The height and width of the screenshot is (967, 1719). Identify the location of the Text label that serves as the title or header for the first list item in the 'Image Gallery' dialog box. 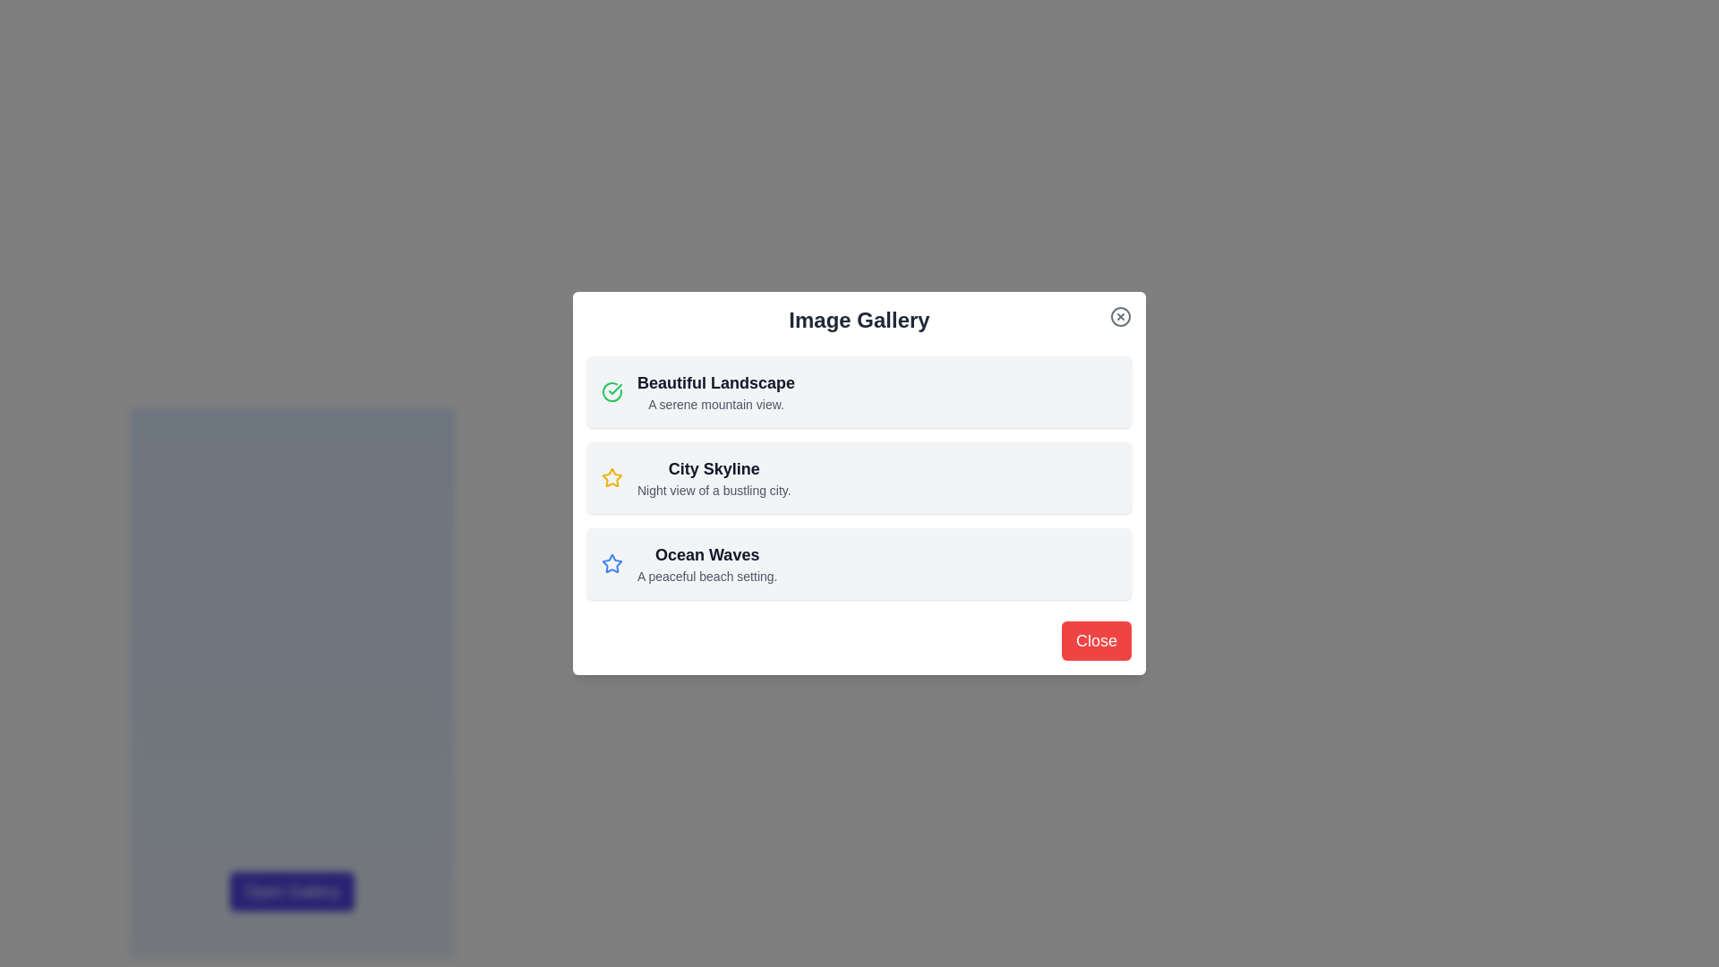
(716, 382).